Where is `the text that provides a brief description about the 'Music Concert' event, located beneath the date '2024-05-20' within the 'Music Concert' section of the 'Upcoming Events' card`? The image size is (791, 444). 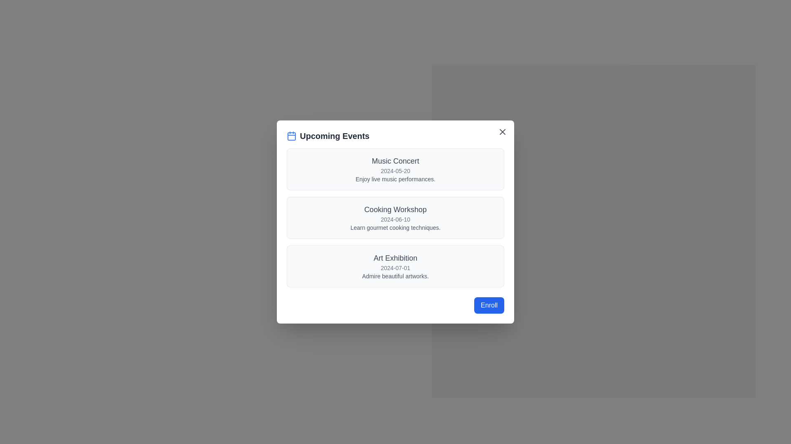 the text that provides a brief description about the 'Music Concert' event, located beneath the date '2024-05-20' within the 'Music Concert' section of the 'Upcoming Events' card is located at coordinates (395, 178).